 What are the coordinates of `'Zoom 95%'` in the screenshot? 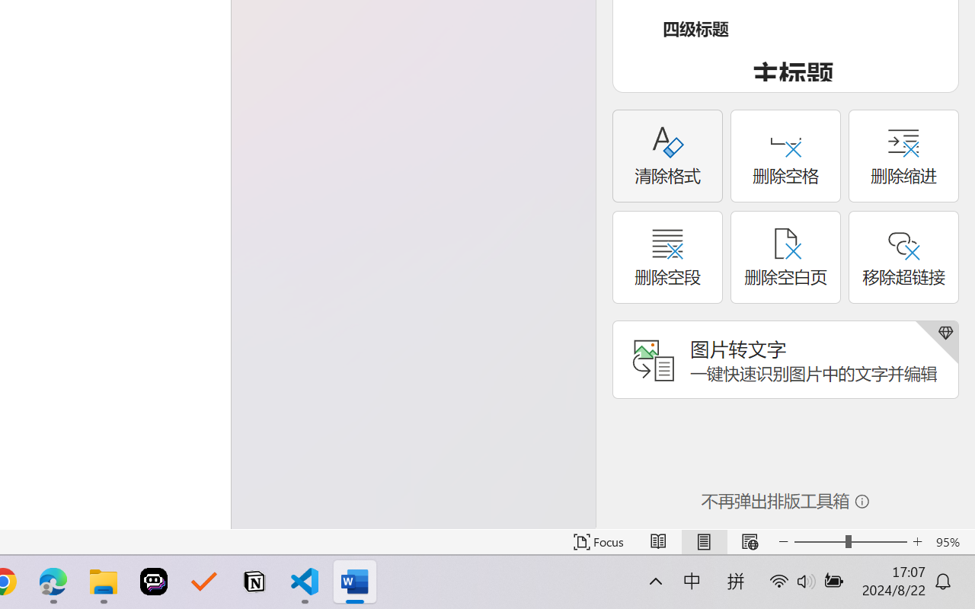 It's located at (951, 541).